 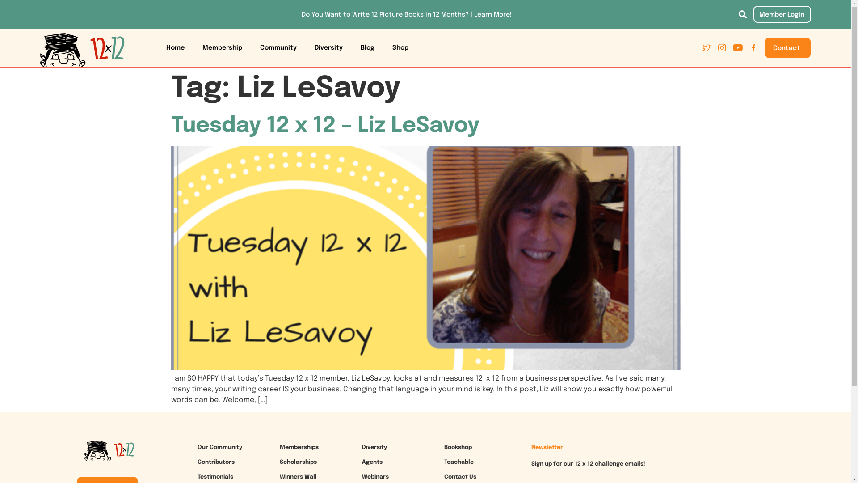 I want to click on 'Bookshop', so click(x=444, y=447).